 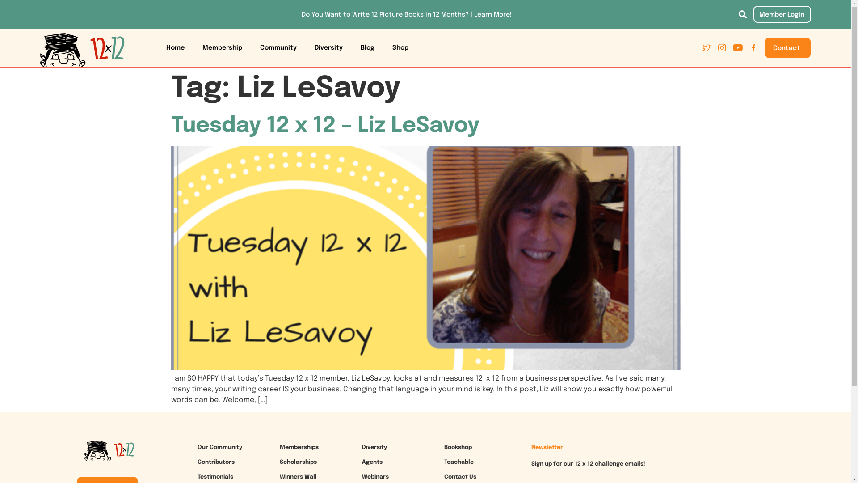 I want to click on 'Bookshop', so click(x=444, y=447).